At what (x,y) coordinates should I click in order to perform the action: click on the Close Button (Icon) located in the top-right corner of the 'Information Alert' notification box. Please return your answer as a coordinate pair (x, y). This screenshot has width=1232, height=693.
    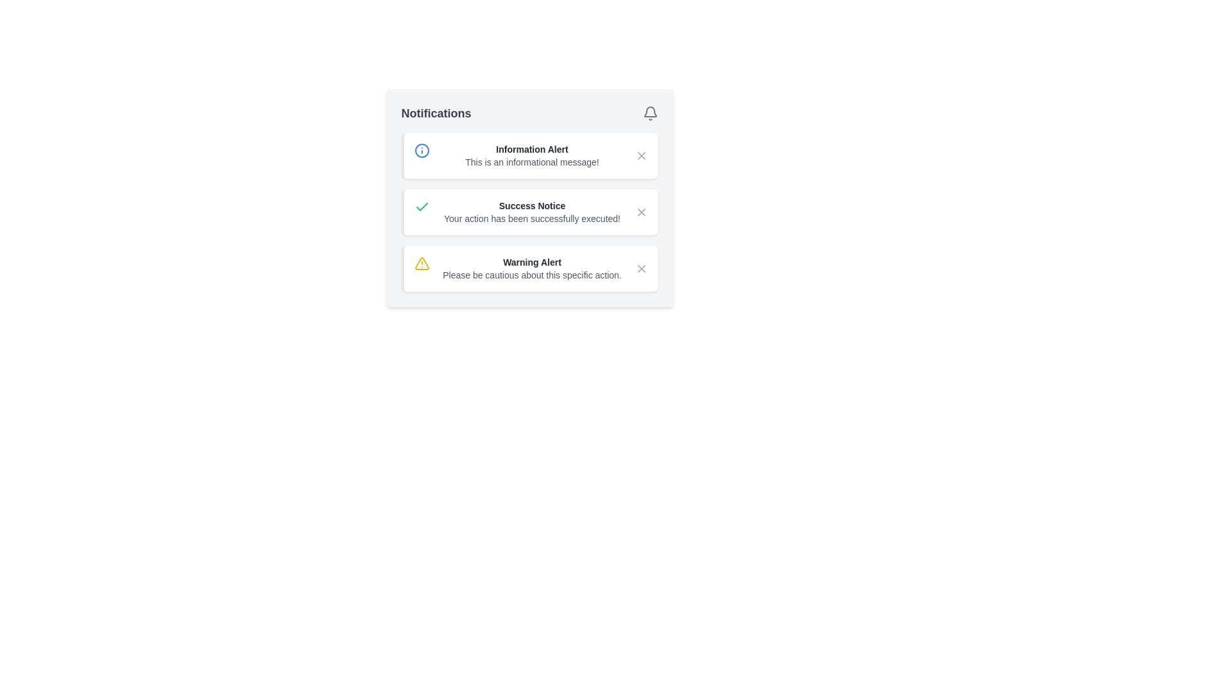
    Looking at the image, I should click on (641, 155).